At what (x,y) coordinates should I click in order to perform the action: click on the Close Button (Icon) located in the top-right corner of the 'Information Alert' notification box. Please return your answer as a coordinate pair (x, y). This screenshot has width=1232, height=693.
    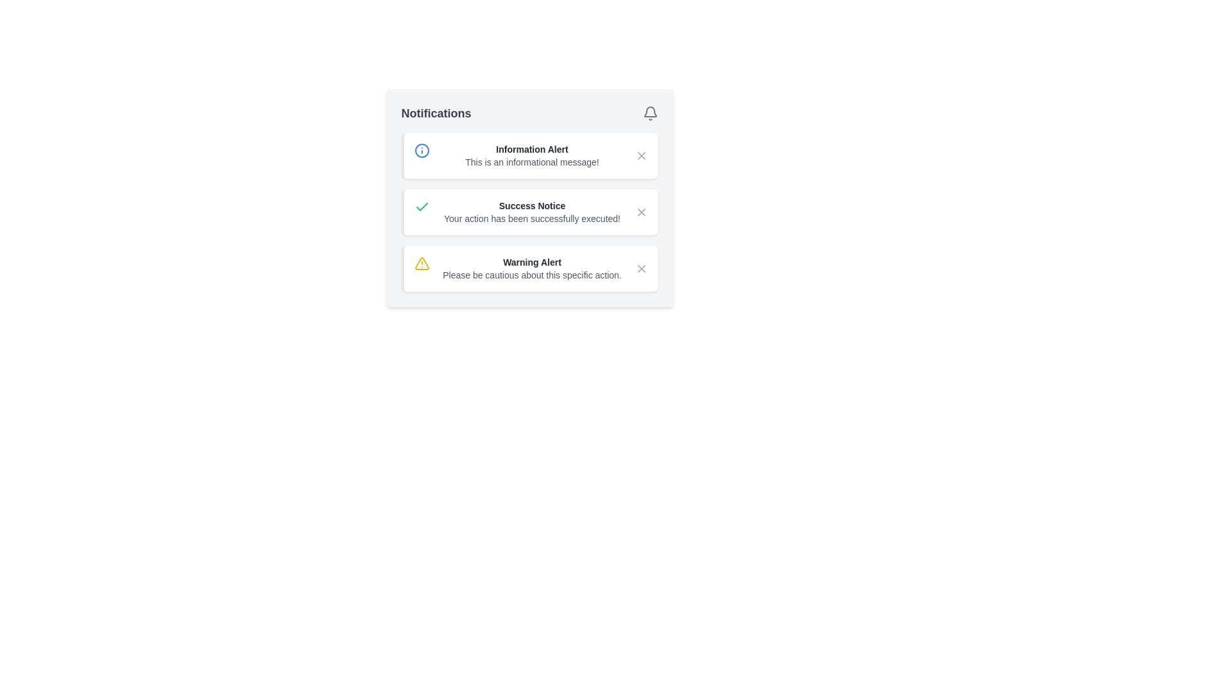
    Looking at the image, I should click on (641, 155).